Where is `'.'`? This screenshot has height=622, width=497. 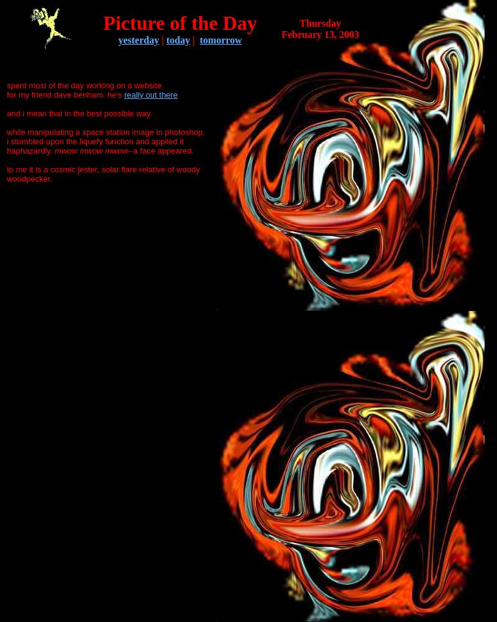
'.' is located at coordinates (178, 95).